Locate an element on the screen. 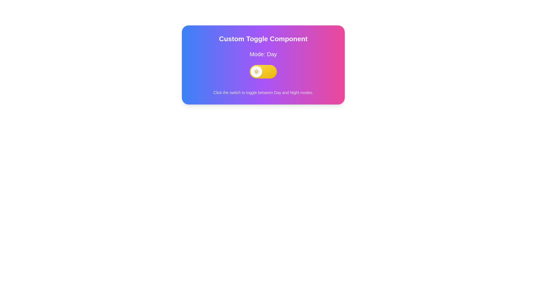  the toggle switch labeled 'Mode: Day' in the 'Custom Toggle Component' to change the mode from Day to Night is located at coordinates (263, 65).